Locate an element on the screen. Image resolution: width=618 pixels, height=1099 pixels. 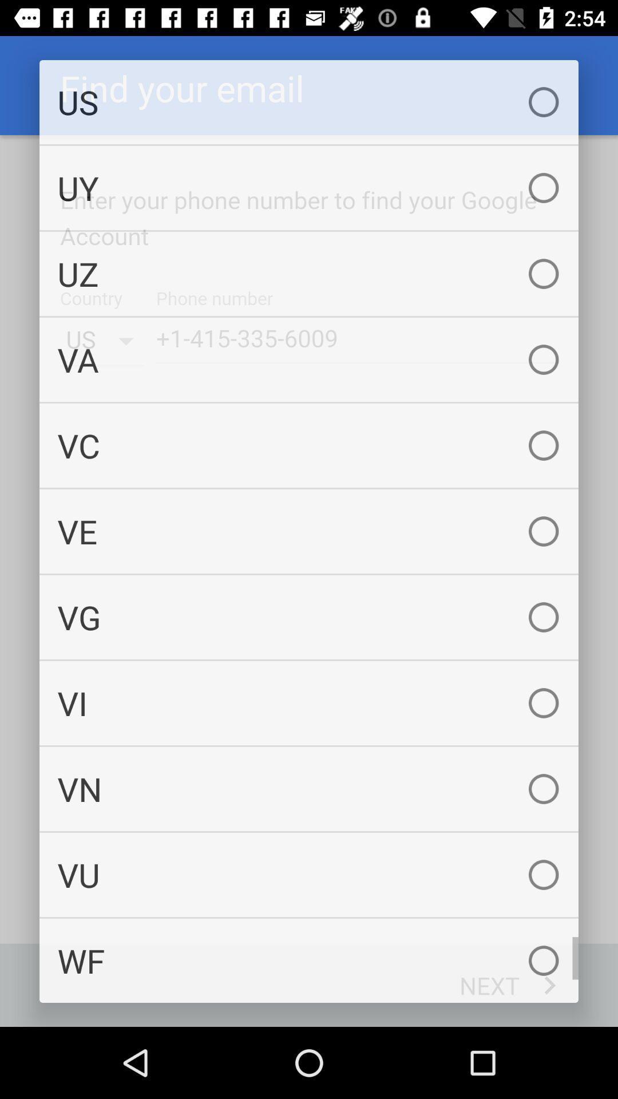
the ve icon is located at coordinates (309, 531).